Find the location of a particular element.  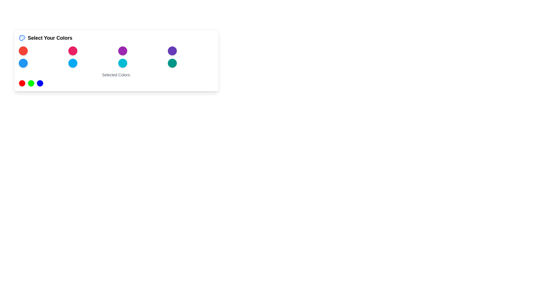

the blue circular button with a gray border, which is the third element in a horizontal arrangement of similar buttons is located at coordinates (40, 83).